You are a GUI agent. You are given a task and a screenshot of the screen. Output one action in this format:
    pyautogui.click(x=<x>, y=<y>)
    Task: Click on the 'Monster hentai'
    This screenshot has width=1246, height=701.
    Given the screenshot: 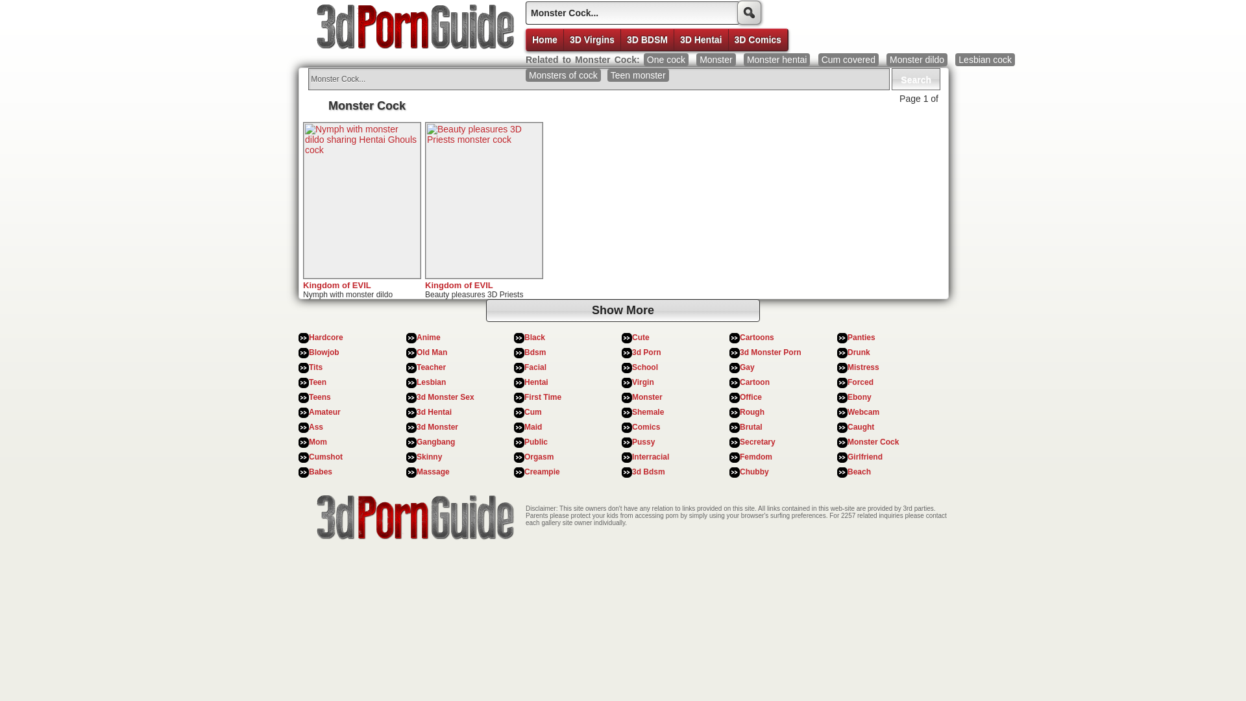 What is the action you would take?
    pyautogui.click(x=777, y=60)
    